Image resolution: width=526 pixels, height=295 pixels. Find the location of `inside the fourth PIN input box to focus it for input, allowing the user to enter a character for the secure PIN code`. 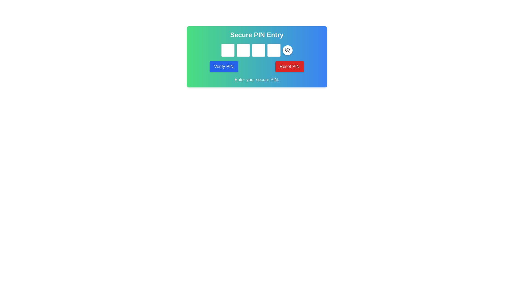

inside the fourth PIN input box to focus it for input, allowing the user to enter a character for the secure PIN code is located at coordinates (274, 50).